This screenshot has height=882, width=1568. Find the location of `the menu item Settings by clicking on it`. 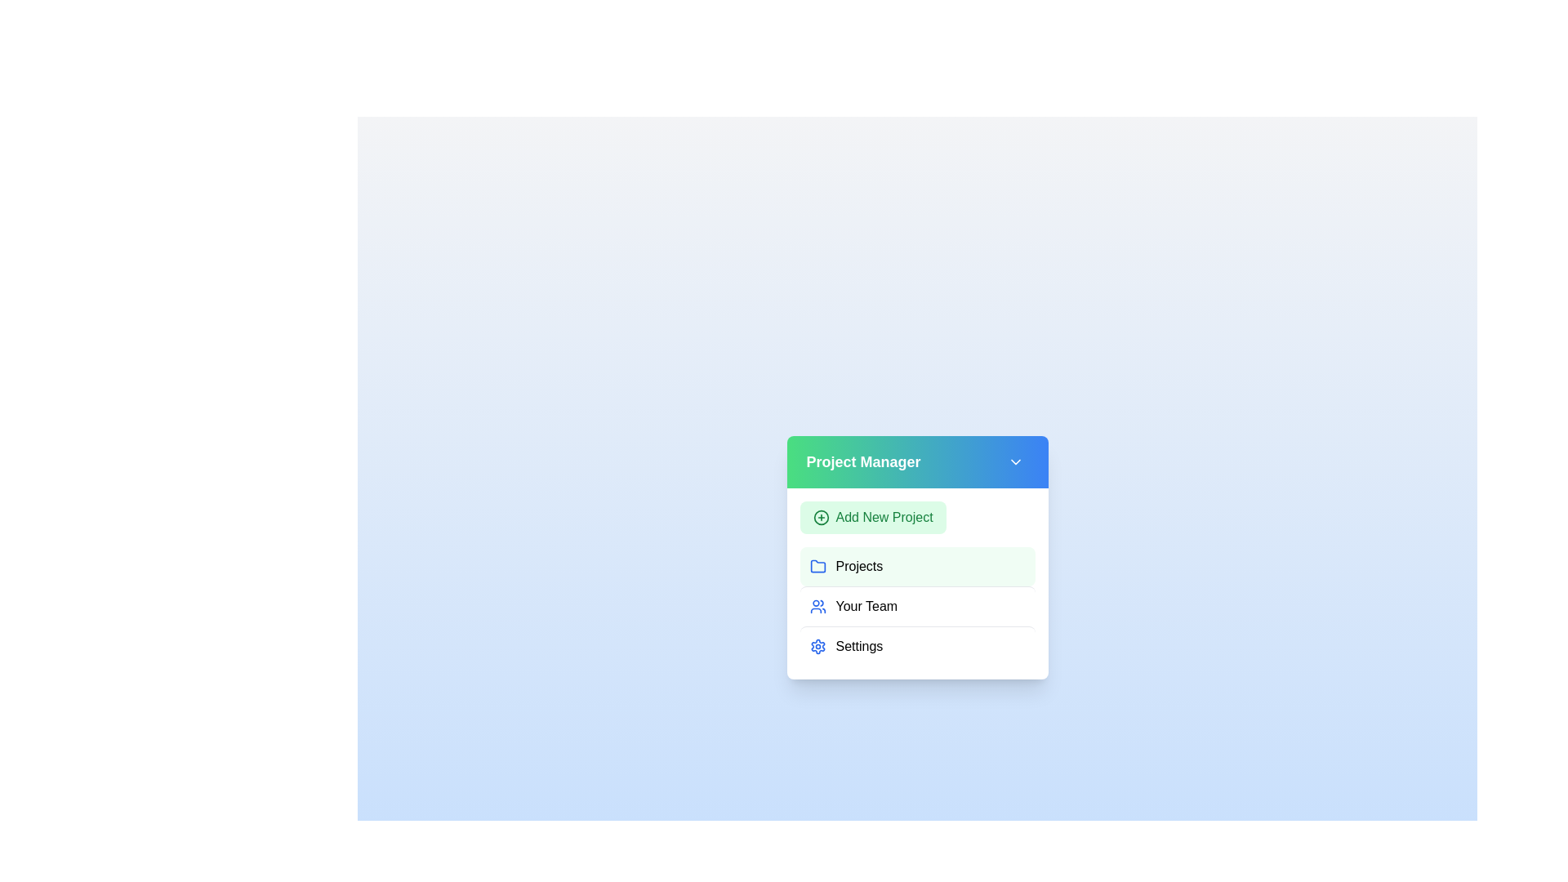

the menu item Settings by clicking on it is located at coordinates (917, 645).